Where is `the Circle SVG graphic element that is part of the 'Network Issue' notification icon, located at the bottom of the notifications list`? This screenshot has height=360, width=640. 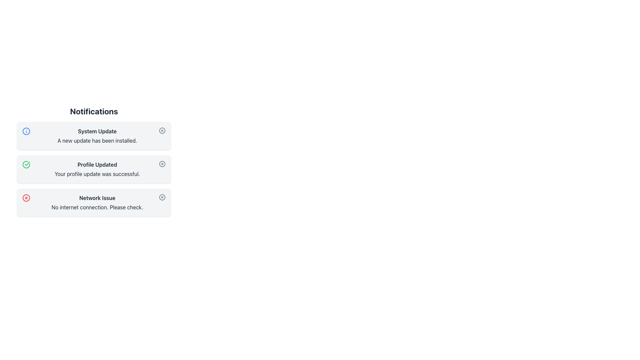
the Circle SVG graphic element that is part of the 'Network Issue' notification icon, located at the bottom of the notifications list is located at coordinates (162, 197).